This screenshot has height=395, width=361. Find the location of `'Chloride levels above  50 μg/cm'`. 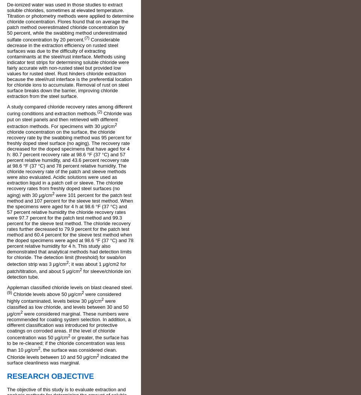

'Chloride levels above  50 μg/cm' is located at coordinates (46, 294).